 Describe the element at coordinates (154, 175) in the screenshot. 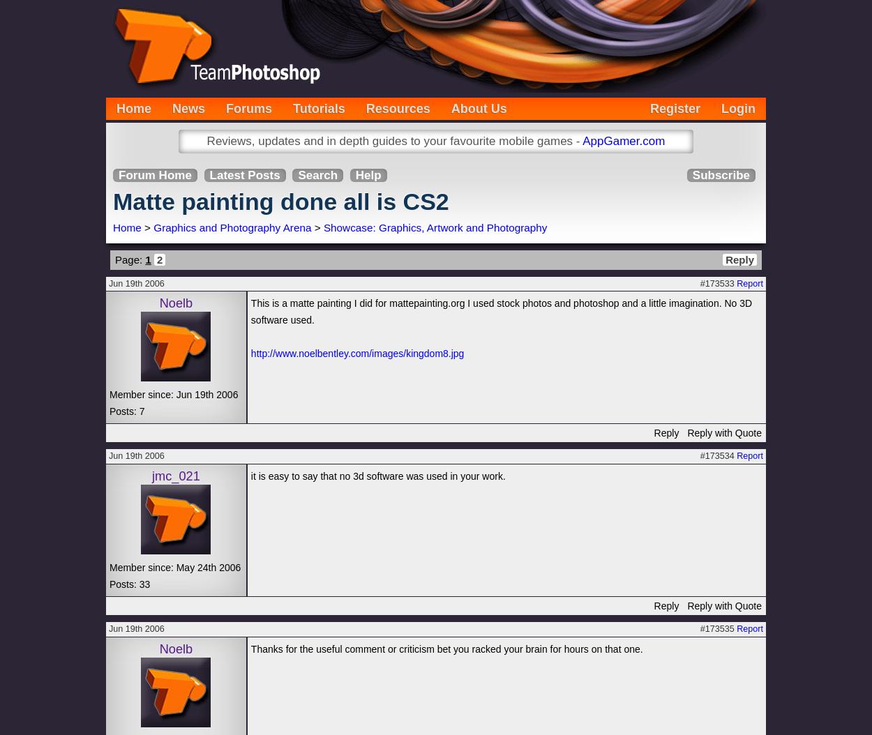

I see `'Forum Home'` at that location.